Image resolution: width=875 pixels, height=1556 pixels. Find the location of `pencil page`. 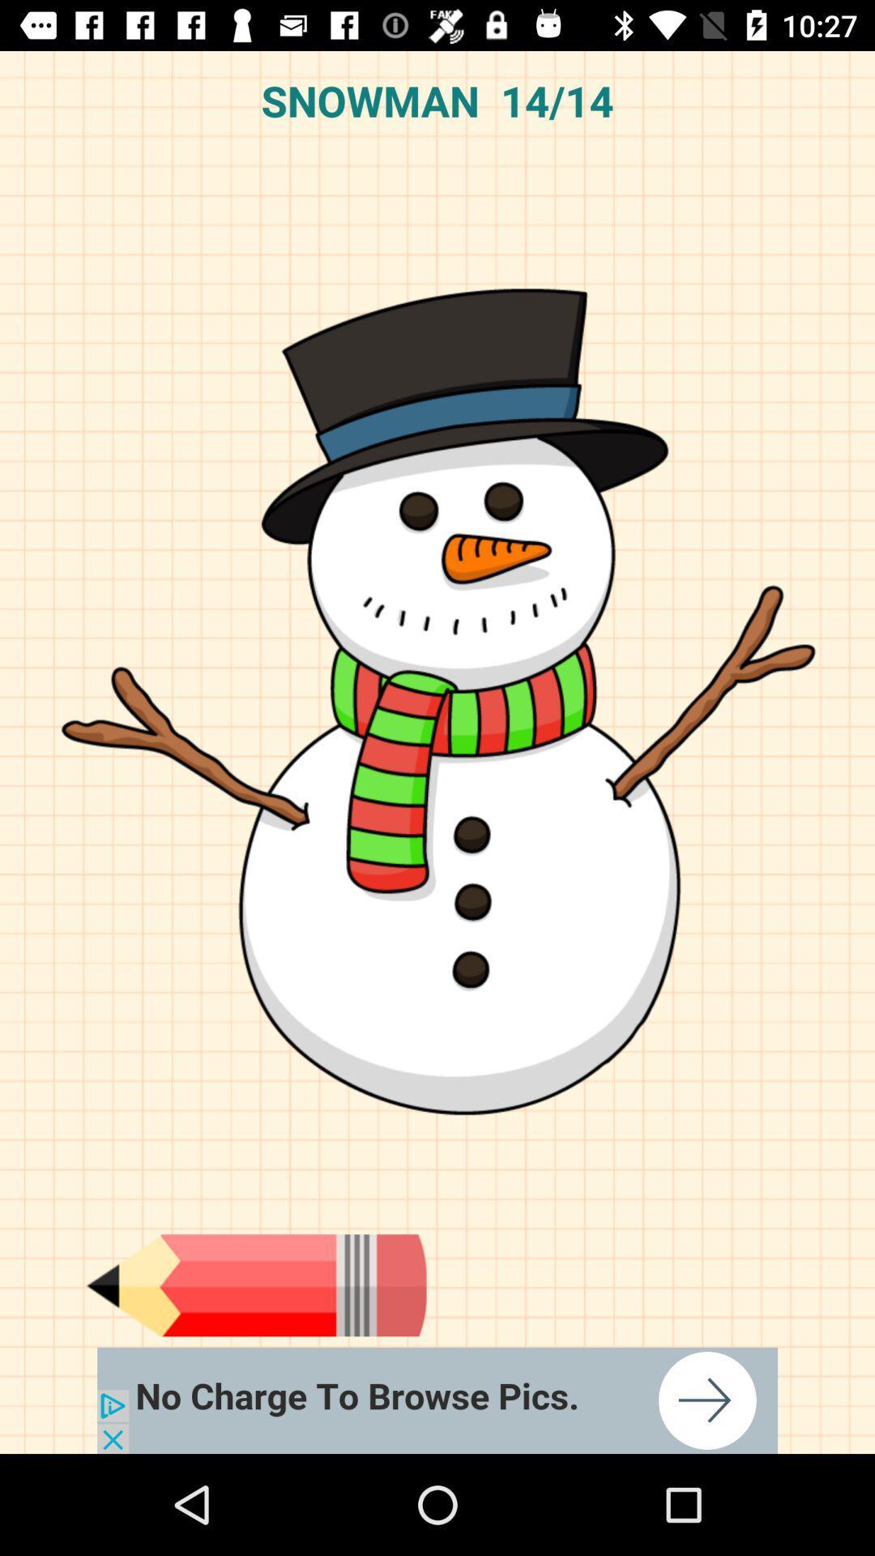

pencil page is located at coordinates (255, 1285).